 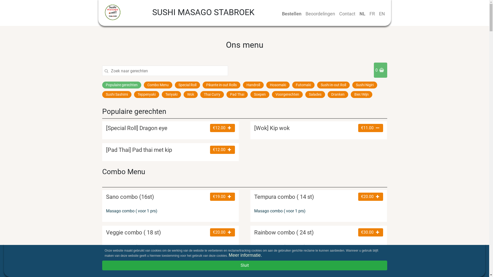 What do you see at coordinates (352, 85) in the screenshot?
I see `'Sushi Nigiri'` at bounding box center [352, 85].